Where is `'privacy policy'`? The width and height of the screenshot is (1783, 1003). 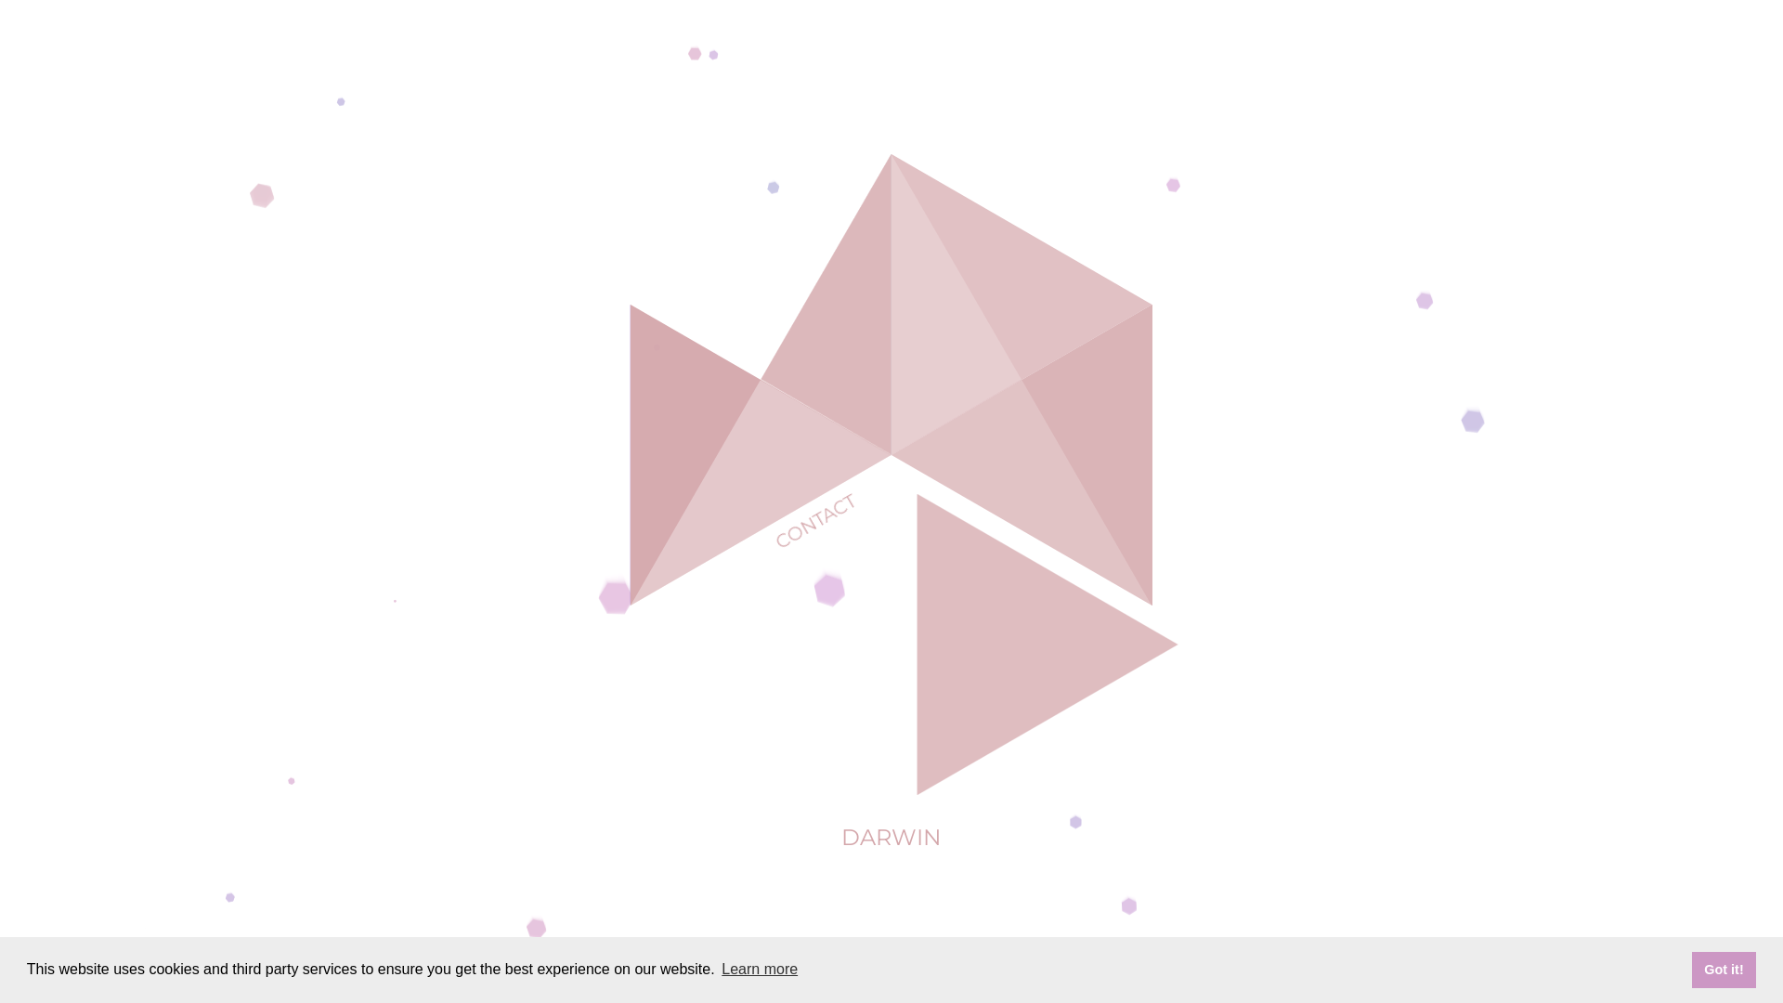
'privacy policy' is located at coordinates (888, 981).